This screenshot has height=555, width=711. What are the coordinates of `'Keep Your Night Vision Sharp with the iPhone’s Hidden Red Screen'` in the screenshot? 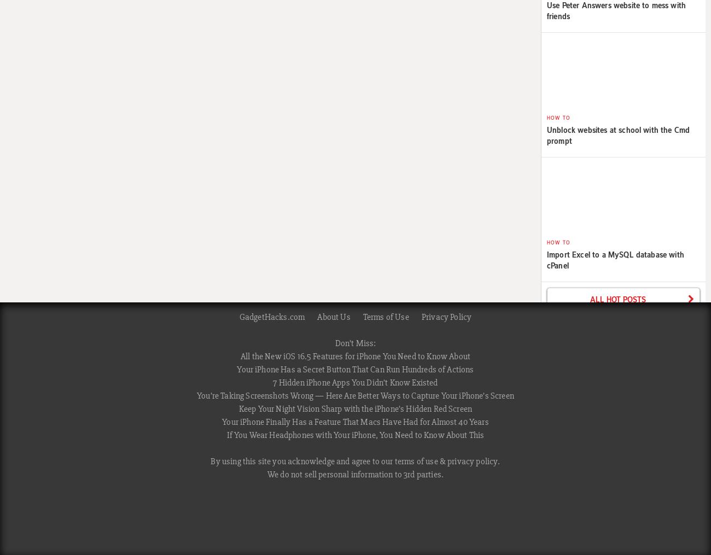 It's located at (355, 408).